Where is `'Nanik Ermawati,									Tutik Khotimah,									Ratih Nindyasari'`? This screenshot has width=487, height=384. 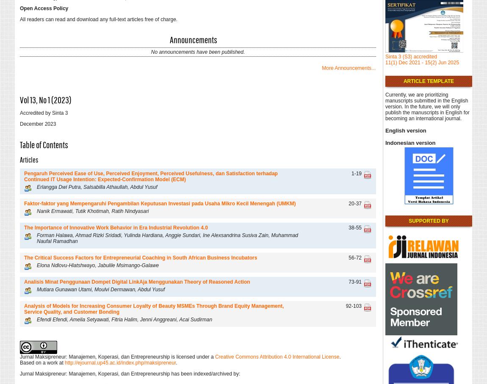 'Nanik Ermawati,									Tutik Khotimah,									Ratih Nindyasari' is located at coordinates (92, 210).